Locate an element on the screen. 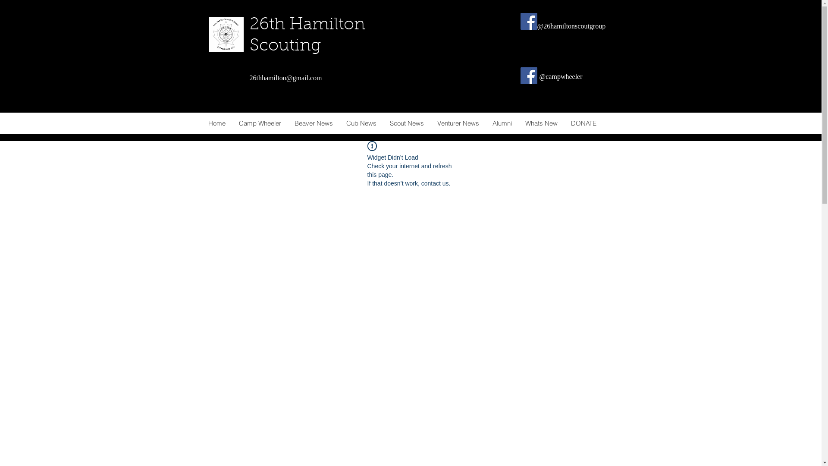 Image resolution: width=828 pixels, height=466 pixels. '26thhamilton@gmail.com' is located at coordinates (285, 78).